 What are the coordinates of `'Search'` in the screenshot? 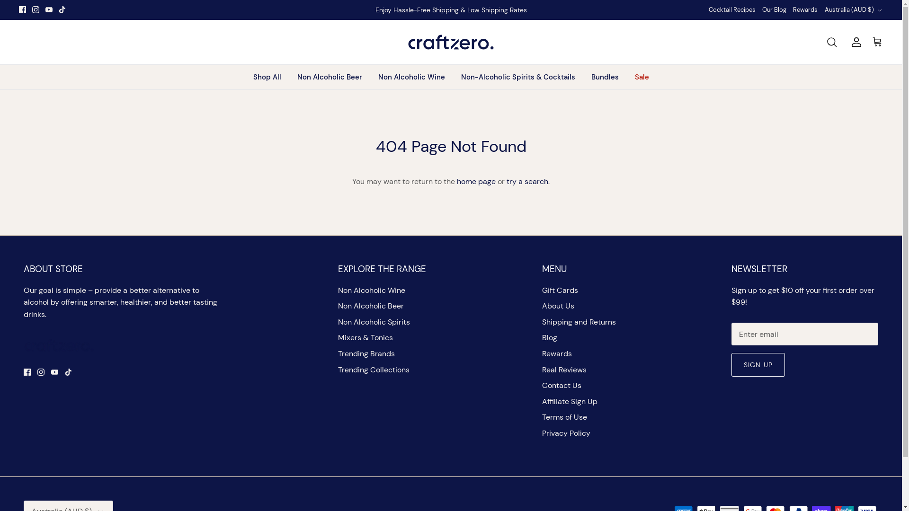 It's located at (826, 41).